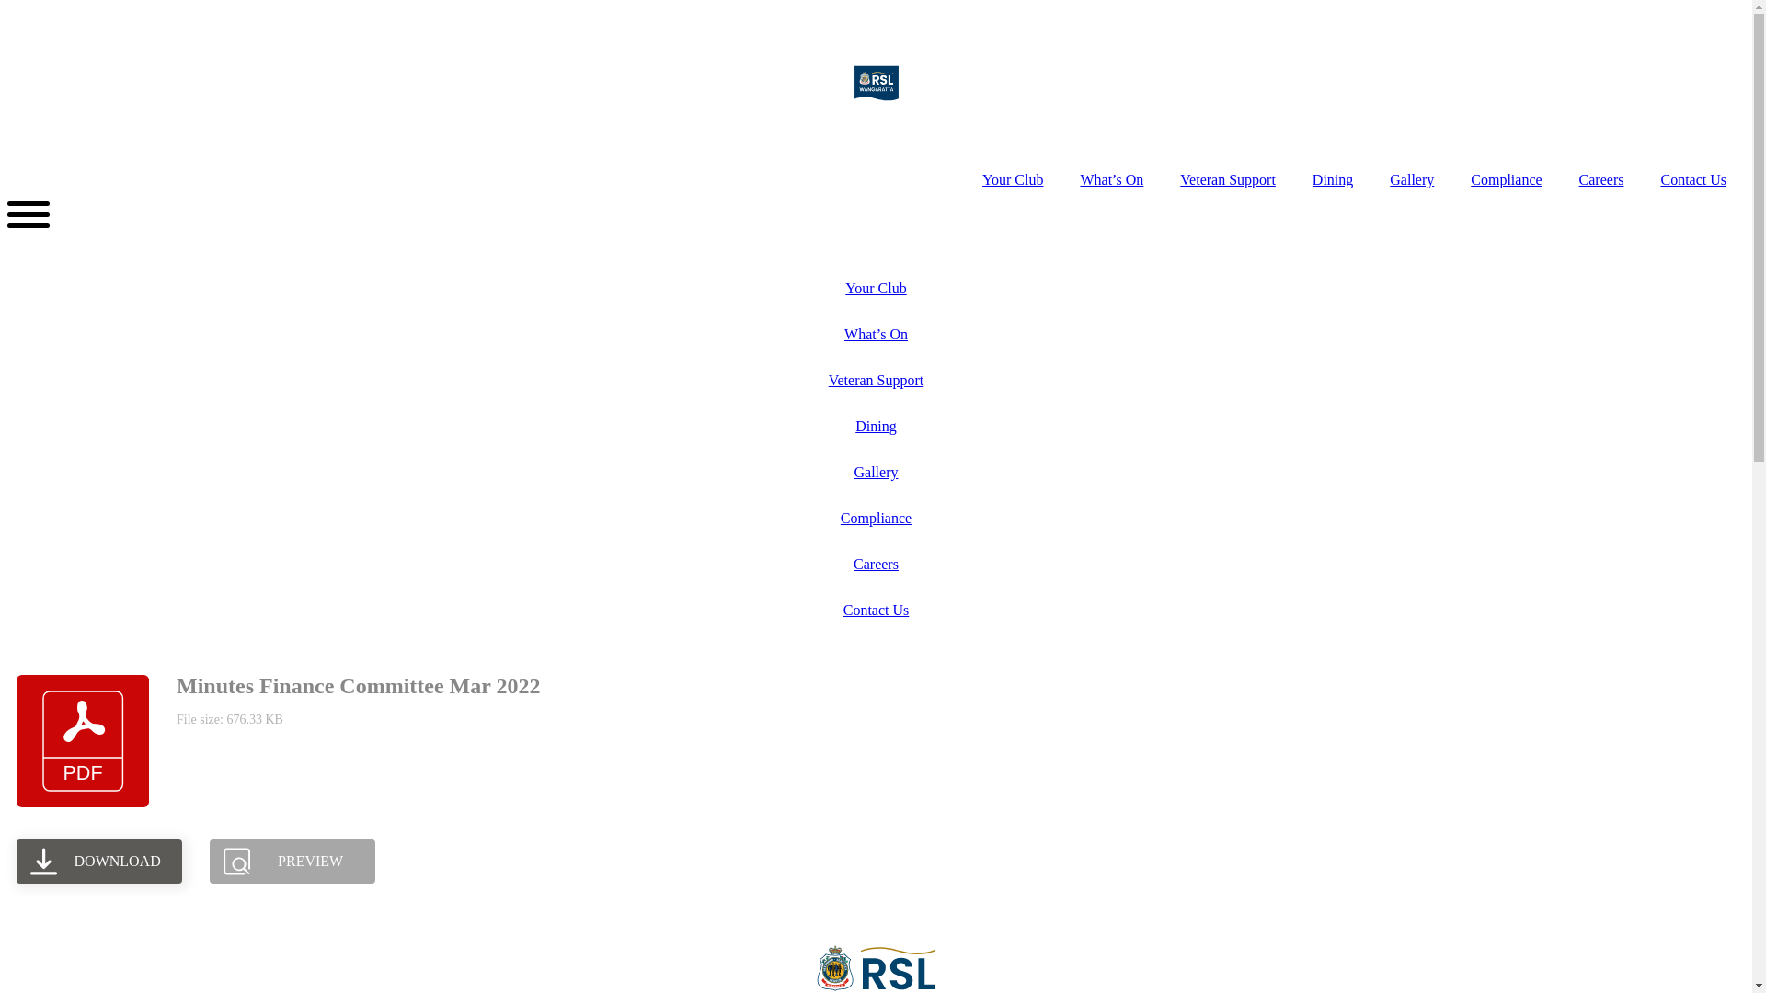 The height and width of the screenshot is (993, 1766). Describe the element at coordinates (875, 518) in the screenshot. I see `'Compliance'` at that location.